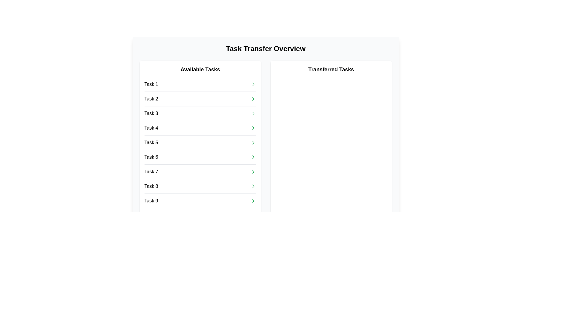  I want to click on the green rightward chevron icon next to 'Task 7' in the 'Available Tasks' panel, so click(253, 172).